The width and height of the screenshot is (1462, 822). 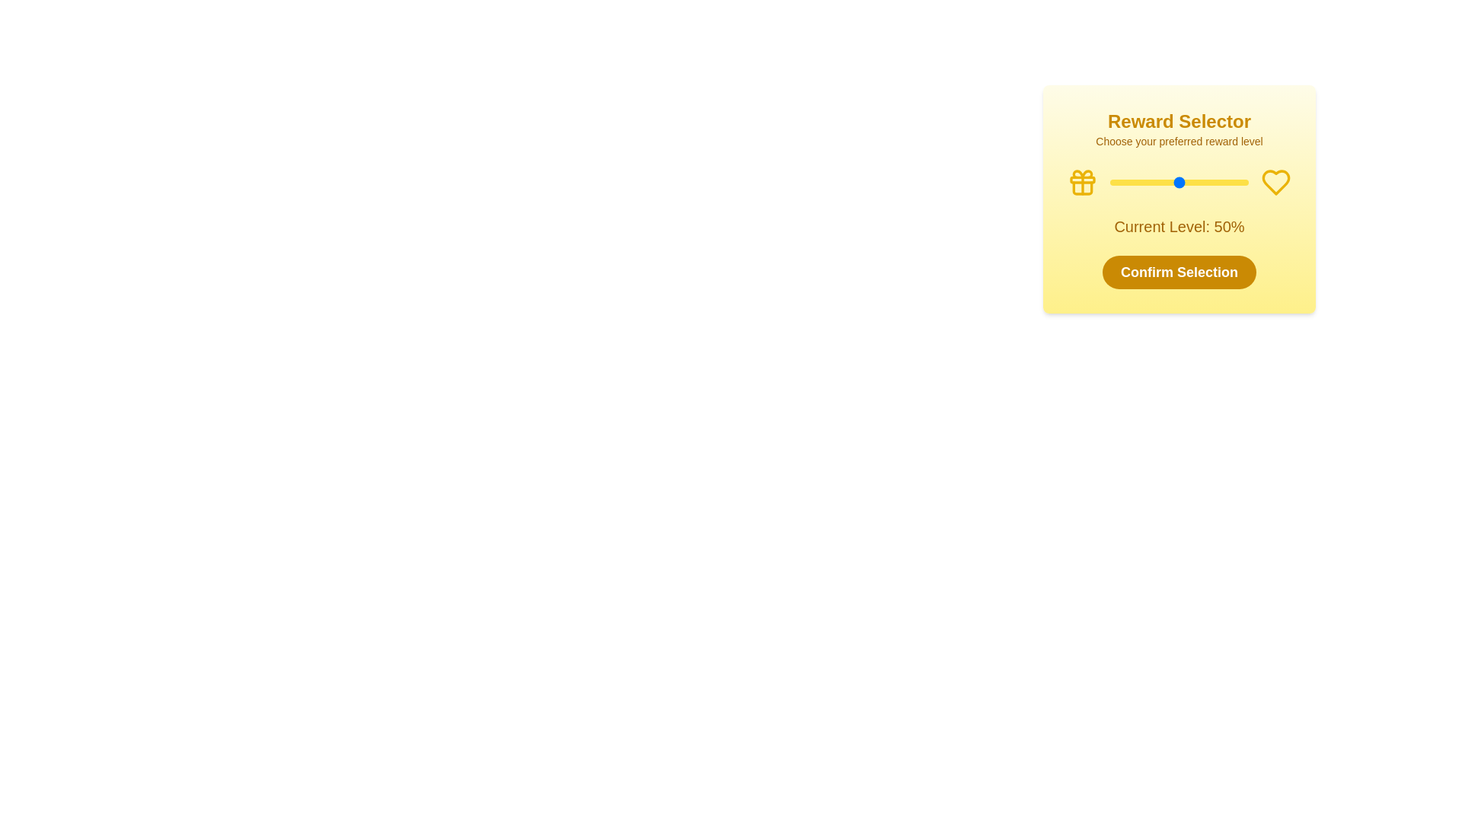 What do you see at coordinates (1198, 181) in the screenshot?
I see `the reward level` at bounding box center [1198, 181].